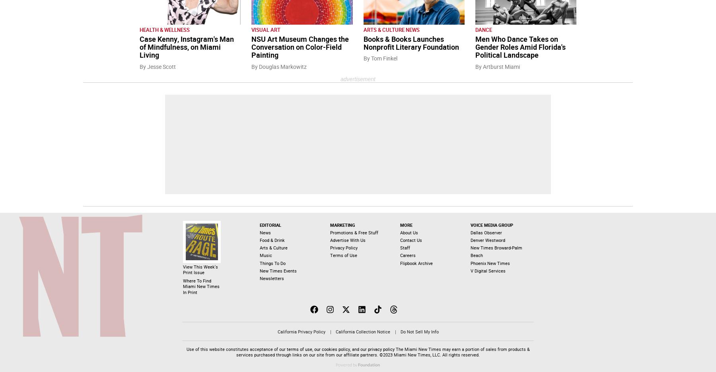 Image resolution: width=716 pixels, height=372 pixels. I want to click on 'NSU Art Museum Changes the Conversation on Color-Field Painting', so click(300, 47).